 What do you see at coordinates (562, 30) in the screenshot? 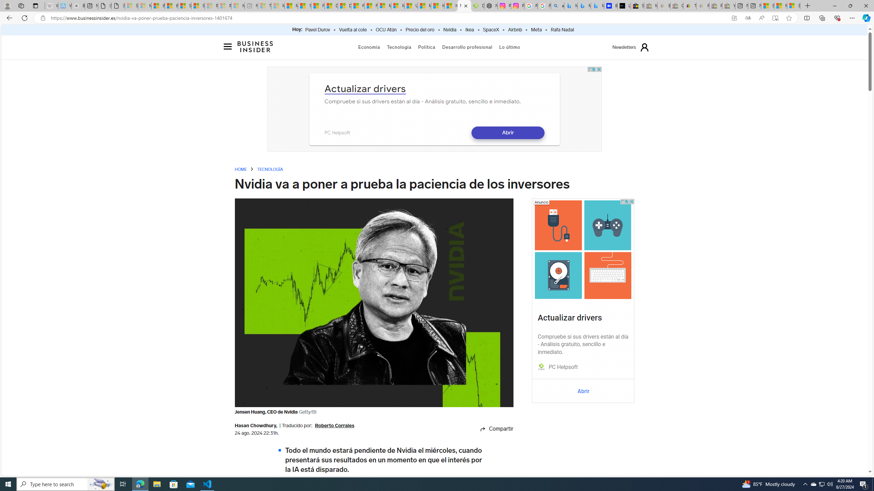
I see `'Rafa Nadal'` at bounding box center [562, 30].